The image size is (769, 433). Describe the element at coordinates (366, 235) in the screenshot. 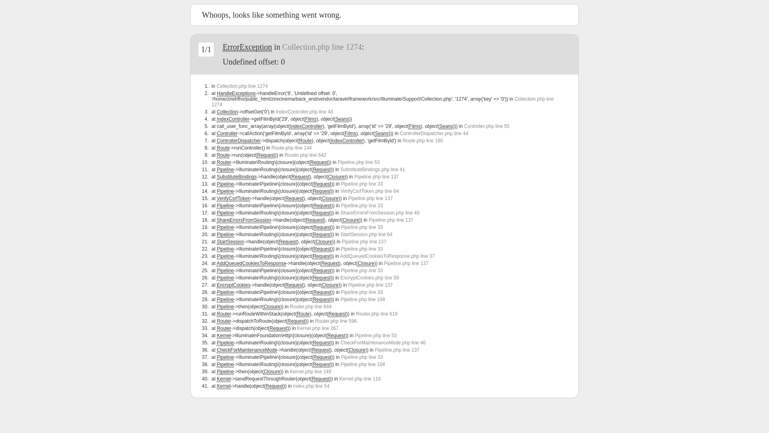

I see `'StartSession.php line 64'` at that location.